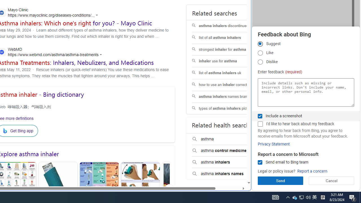  I want to click on 'asthma inhalers names brands', so click(228, 96).